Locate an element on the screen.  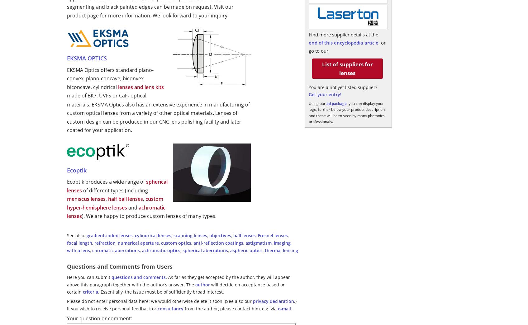
'achromatic optics' is located at coordinates (161, 250).